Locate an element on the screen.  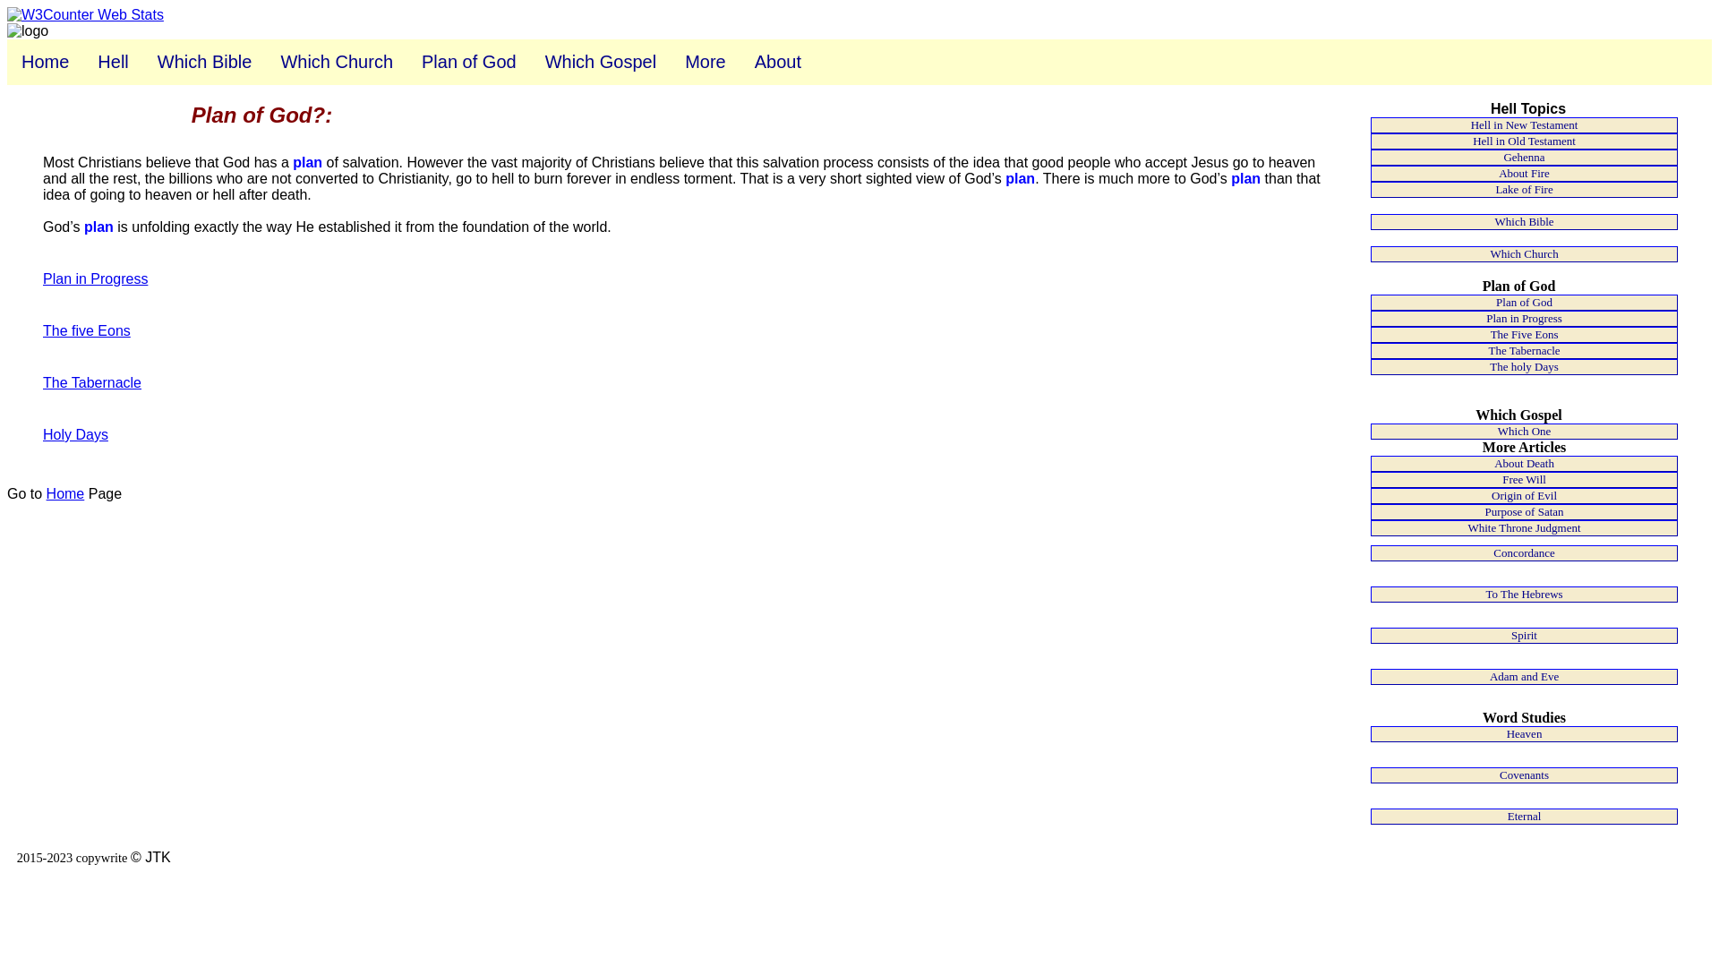
'Plan in Progress' is located at coordinates (1523, 317).